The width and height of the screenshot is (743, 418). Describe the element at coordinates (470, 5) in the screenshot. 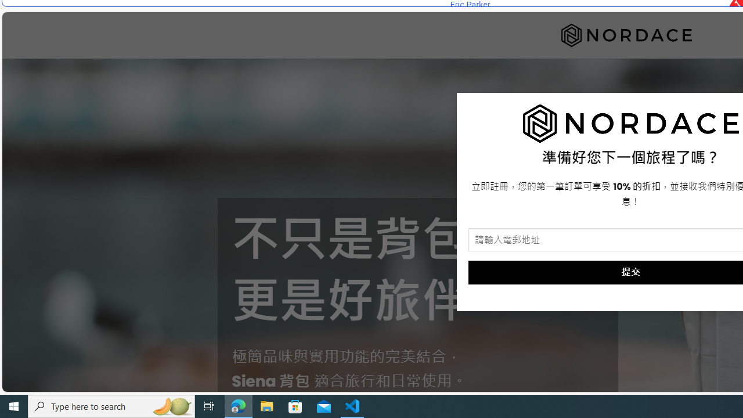

I see `'Eric Parker'` at that location.